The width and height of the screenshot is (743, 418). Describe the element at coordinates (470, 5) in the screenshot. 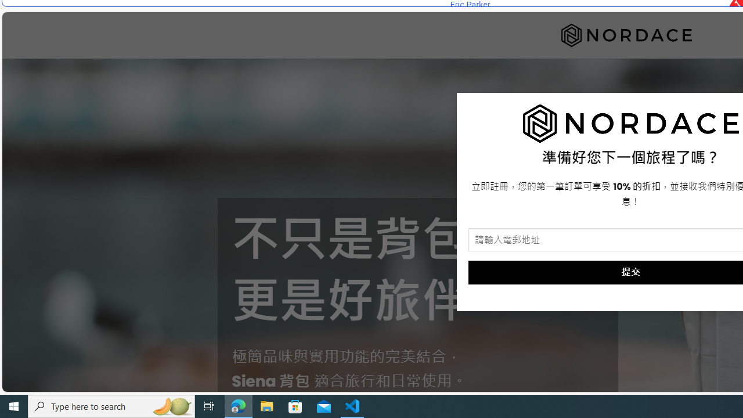

I see `'Eric Parker'` at that location.